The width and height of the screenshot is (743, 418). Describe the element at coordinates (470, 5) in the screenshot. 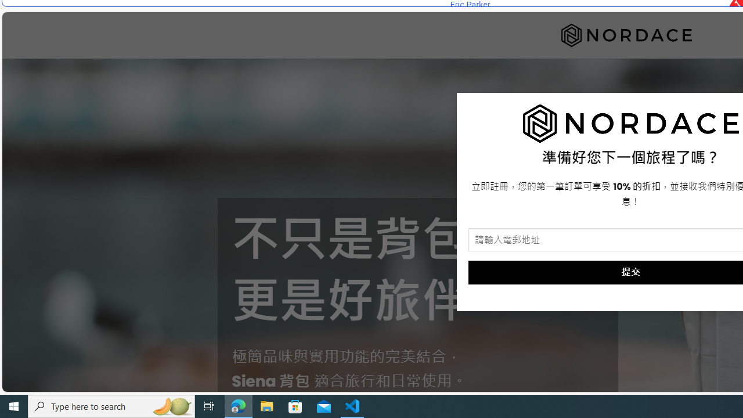

I see `'Eric Parker'` at that location.